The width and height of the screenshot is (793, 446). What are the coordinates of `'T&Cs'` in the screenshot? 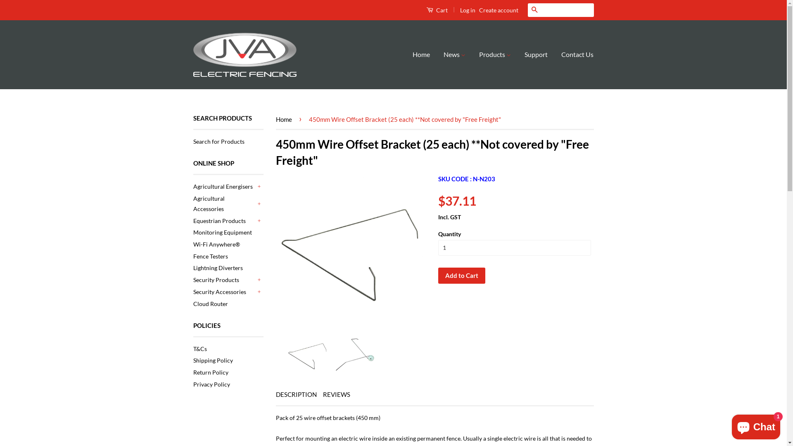 It's located at (200, 349).